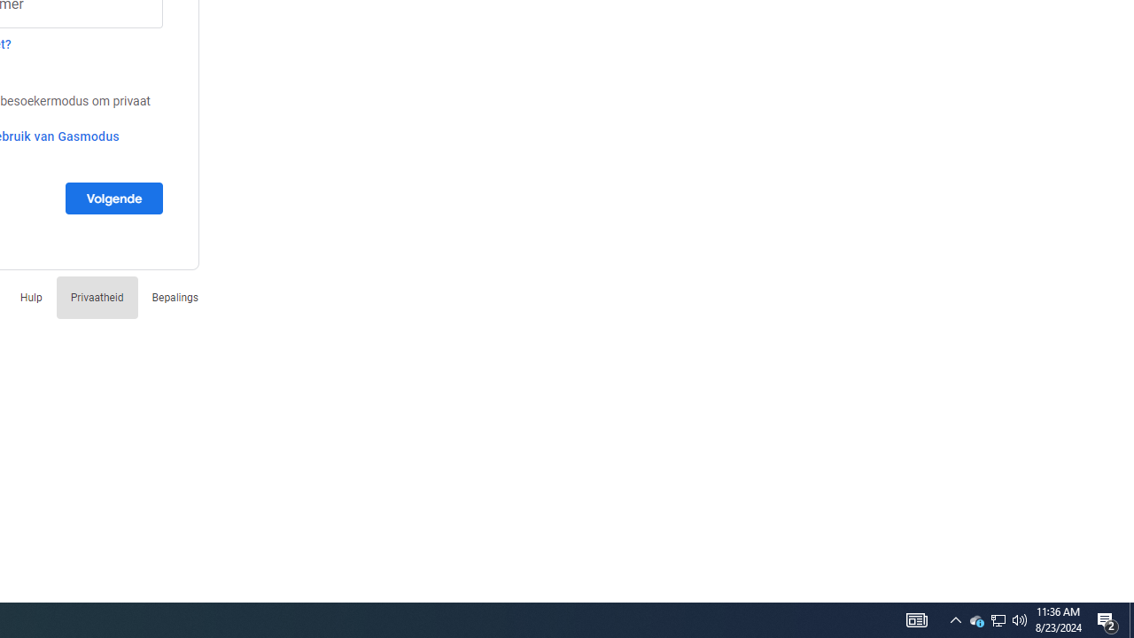  I want to click on 'Volgende', so click(113, 198).